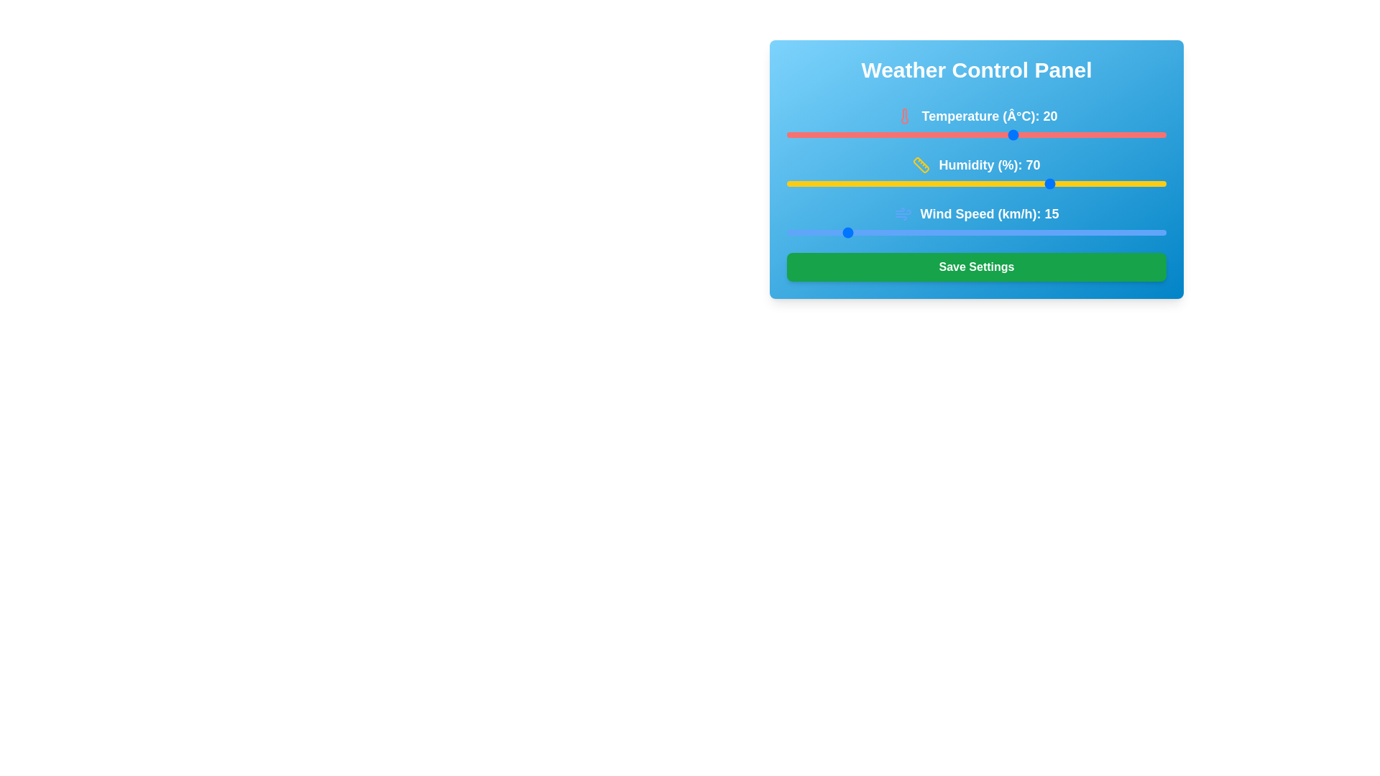 This screenshot has width=1380, height=776. What do you see at coordinates (1128, 135) in the screenshot?
I see `the temperature slider` at bounding box center [1128, 135].